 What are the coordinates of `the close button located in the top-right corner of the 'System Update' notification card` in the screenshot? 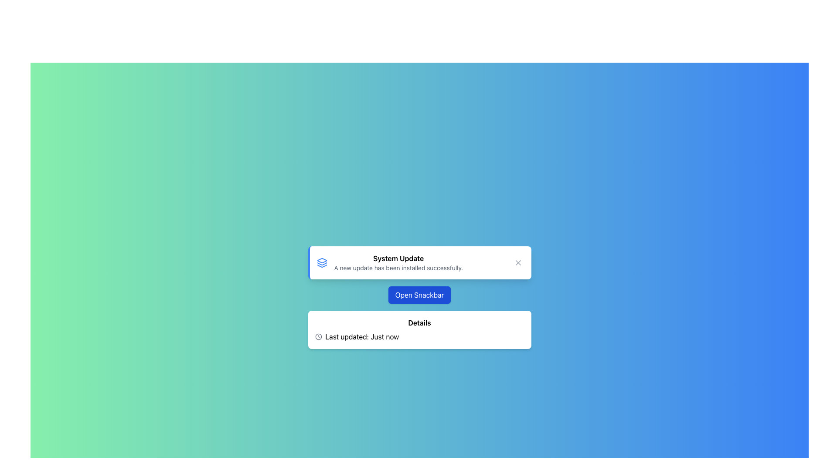 It's located at (518, 262).